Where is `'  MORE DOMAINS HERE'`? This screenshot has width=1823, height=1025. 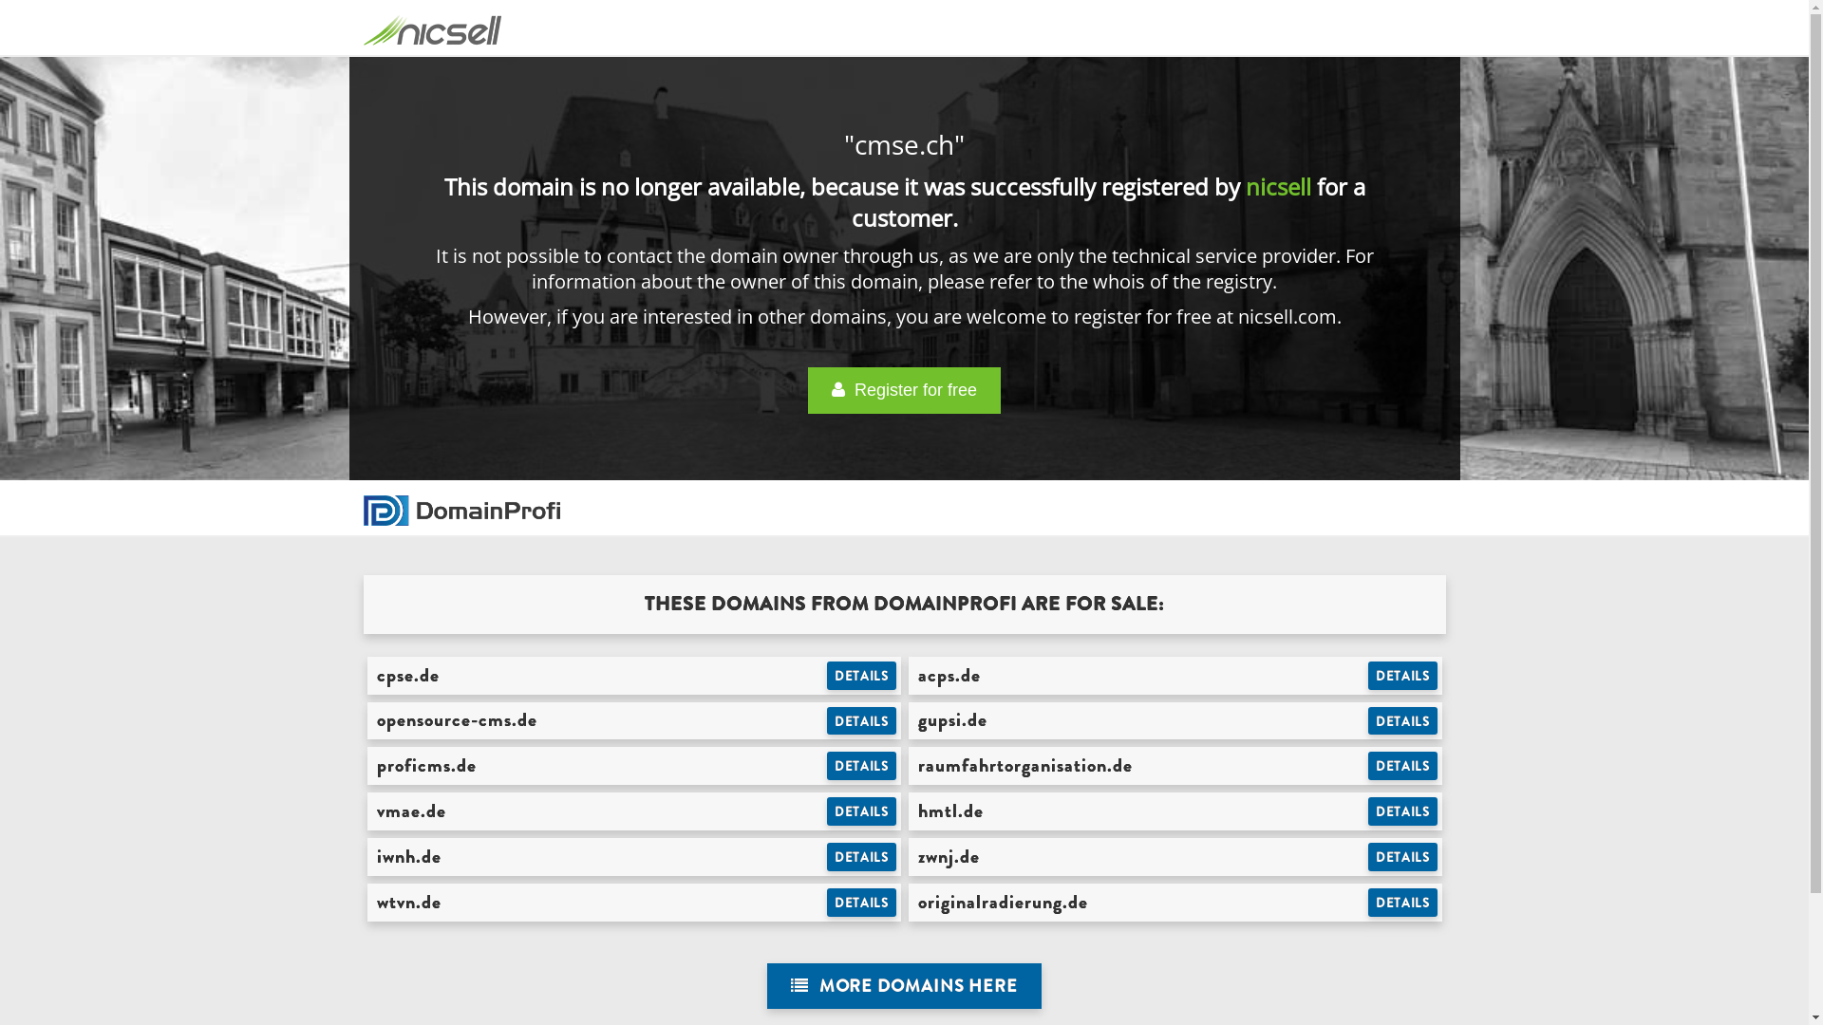 '  MORE DOMAINS HERE' is located at coordinates (903, 985).